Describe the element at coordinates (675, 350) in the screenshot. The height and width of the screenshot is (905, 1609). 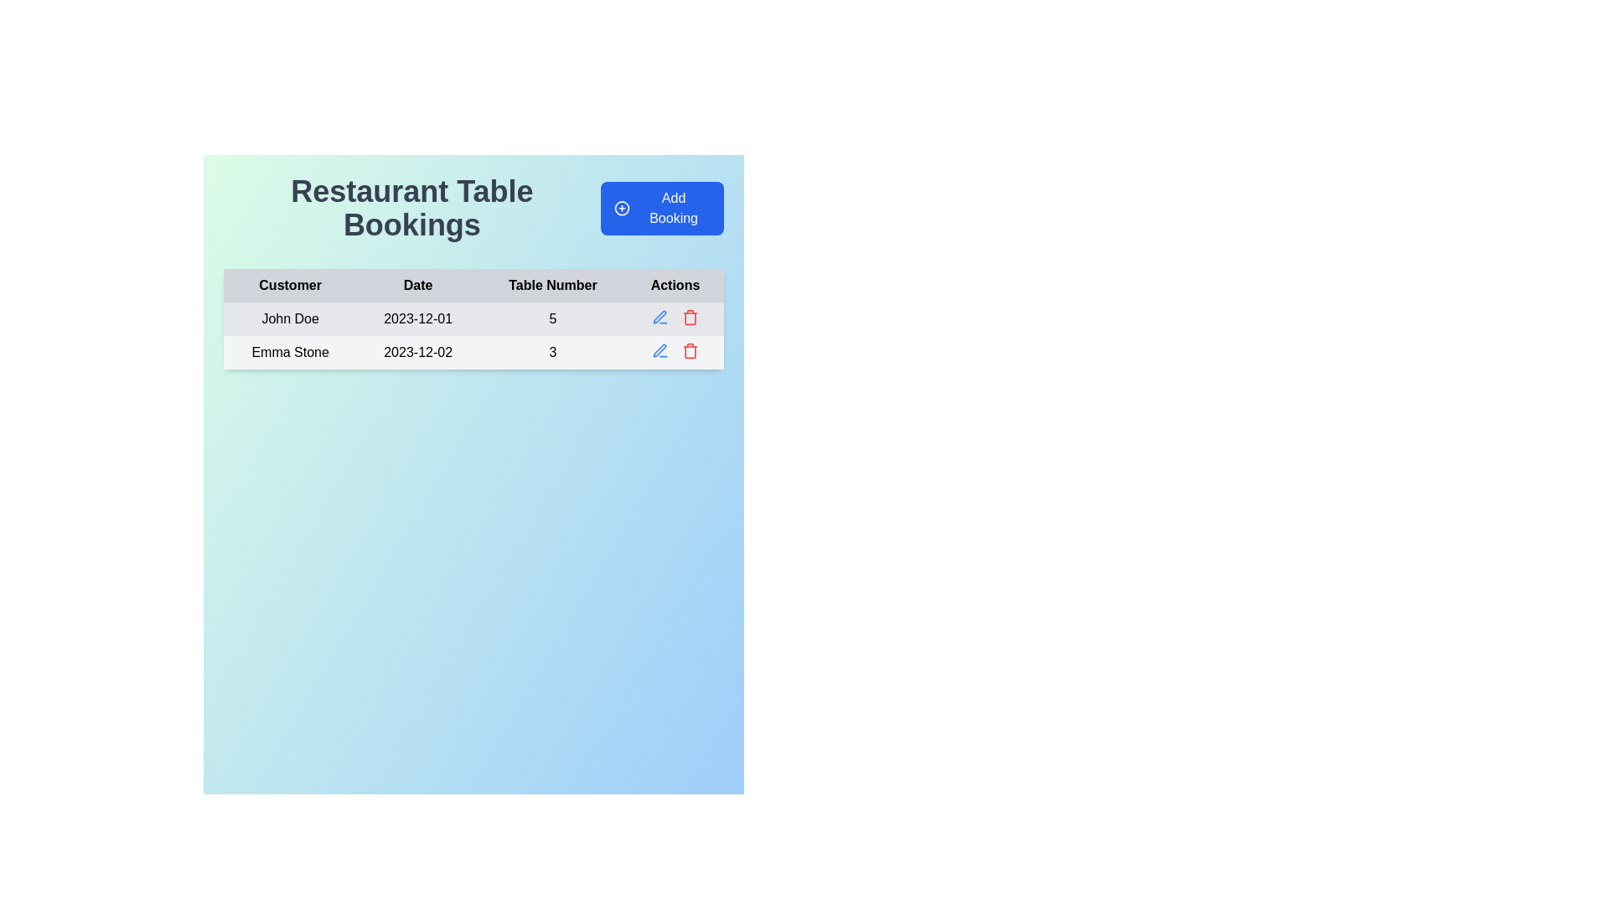
I see `the trash bin icon located in the last cell of the second row of the table` at that location.